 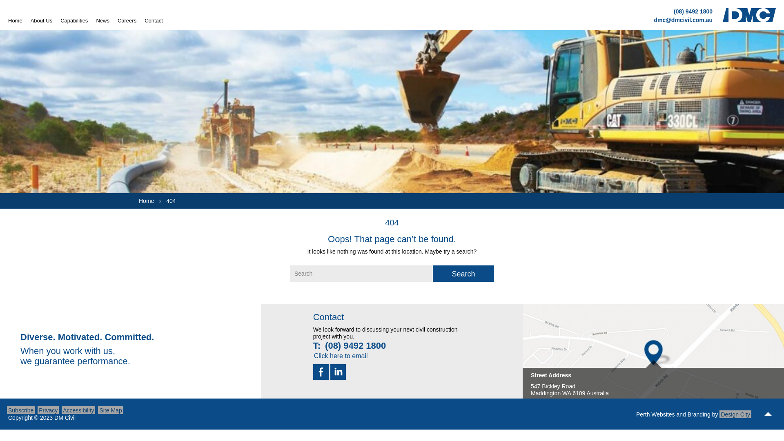 I want to click on 'Perth Websites', so click(x=655, y=414).